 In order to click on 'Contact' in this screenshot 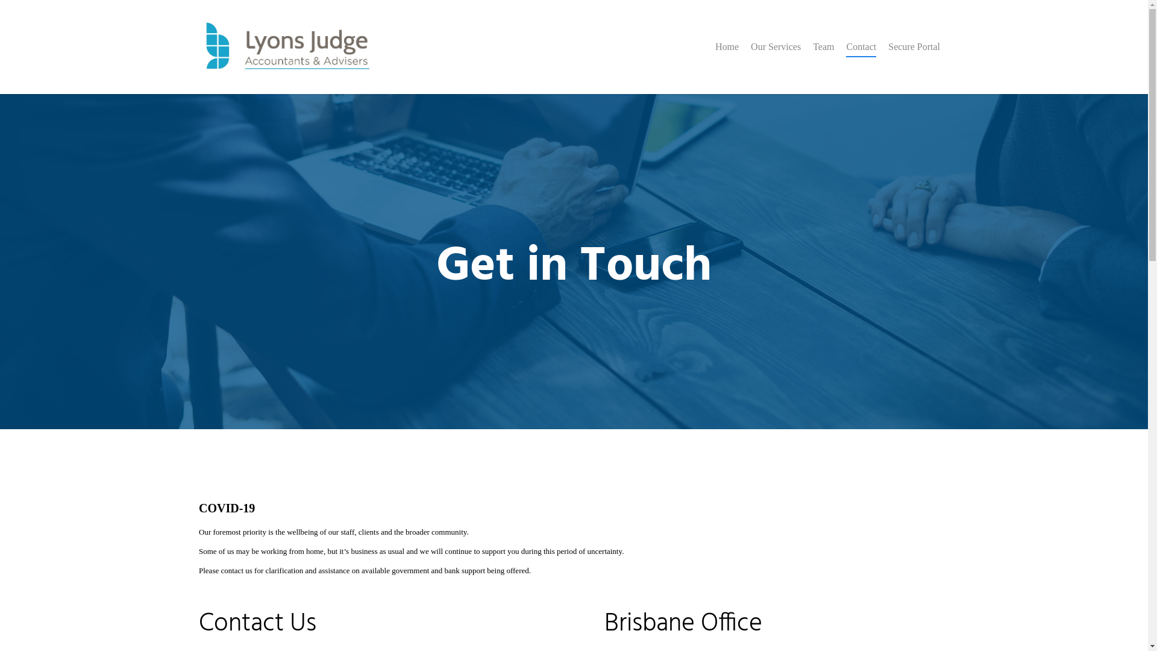, I will do `click(861, 55)`.